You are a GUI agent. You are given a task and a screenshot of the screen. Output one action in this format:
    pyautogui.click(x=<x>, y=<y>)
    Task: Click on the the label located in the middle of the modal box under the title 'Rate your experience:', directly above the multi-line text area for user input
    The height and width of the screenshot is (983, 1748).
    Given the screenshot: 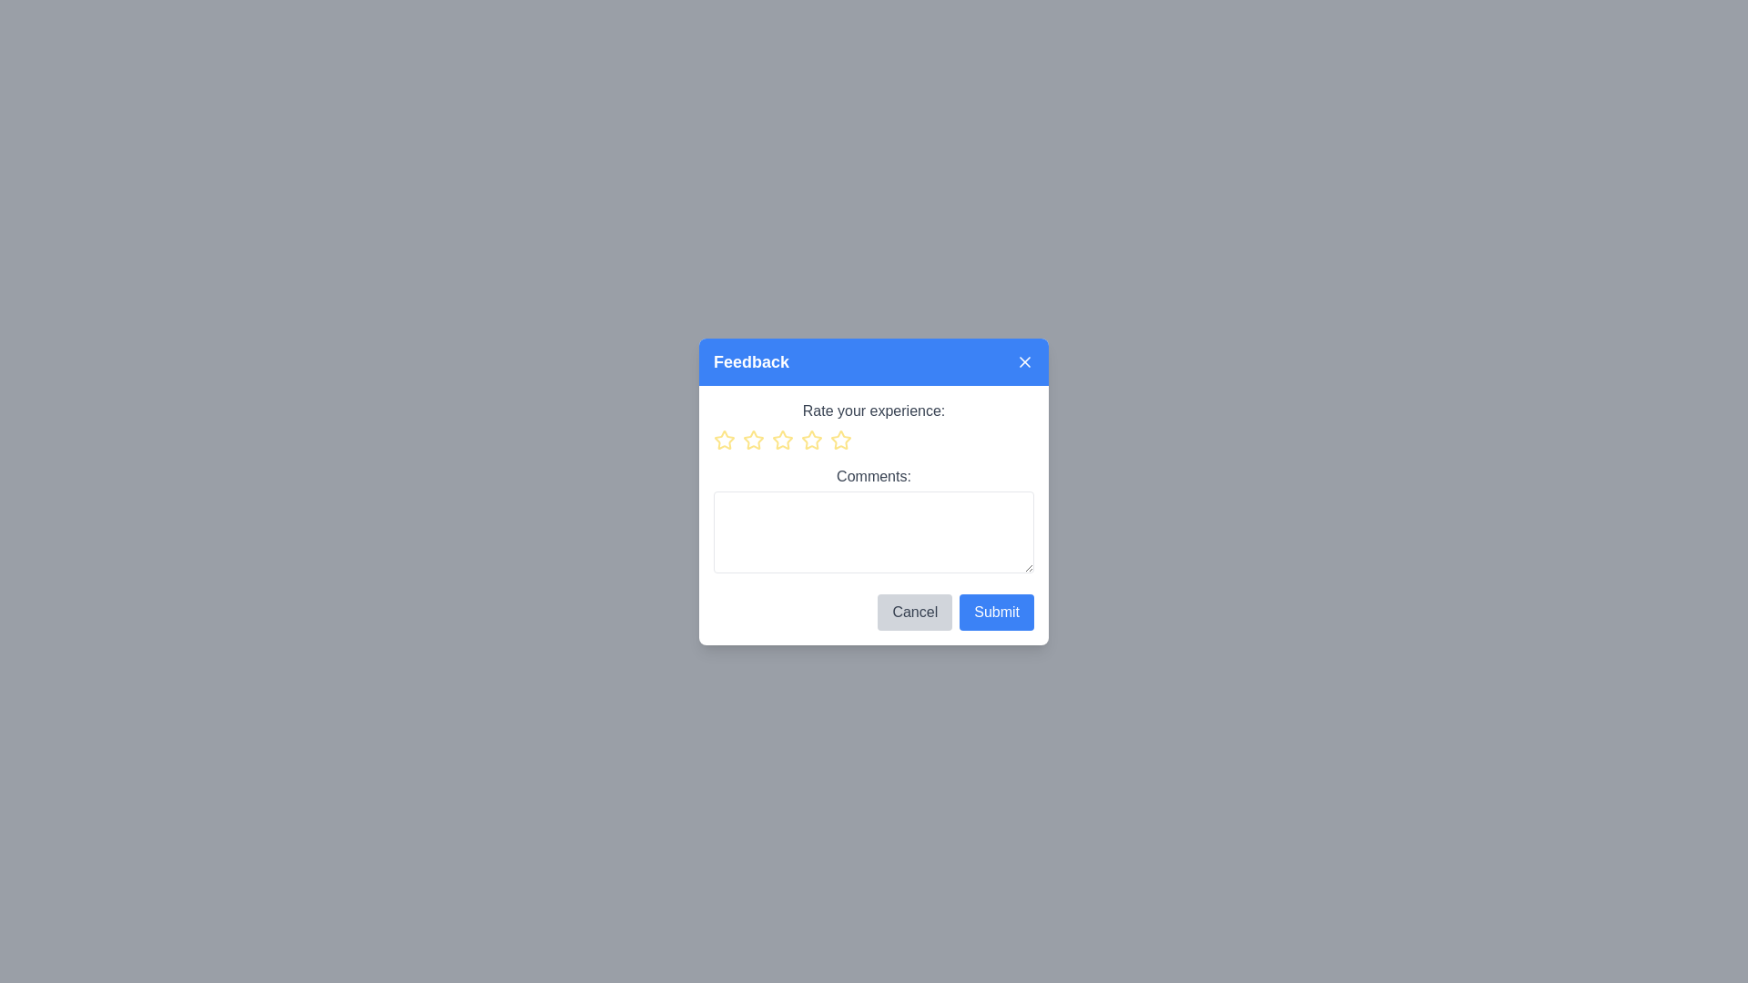 What is the action you would take?
    pyautogui.click(x=874, y=475)
    